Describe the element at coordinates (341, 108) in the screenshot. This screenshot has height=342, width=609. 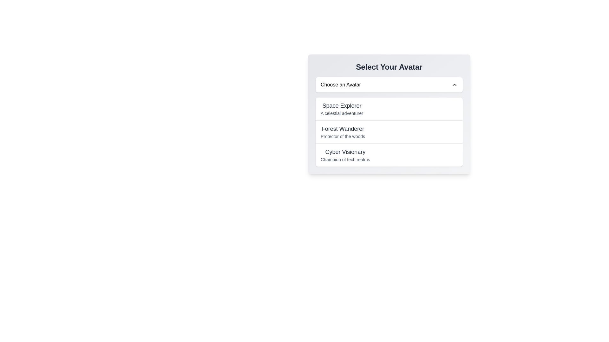
I see `the Text label representing the 'Space Explorer' avatar option, which includes the title 'Space Explorer' and the description 'A celestial adventurer'. This element is located below the 'Choose an Avatar' dropdown and above the 'Forest Wanderer' and 'Cyber Visionary' options` at that location.